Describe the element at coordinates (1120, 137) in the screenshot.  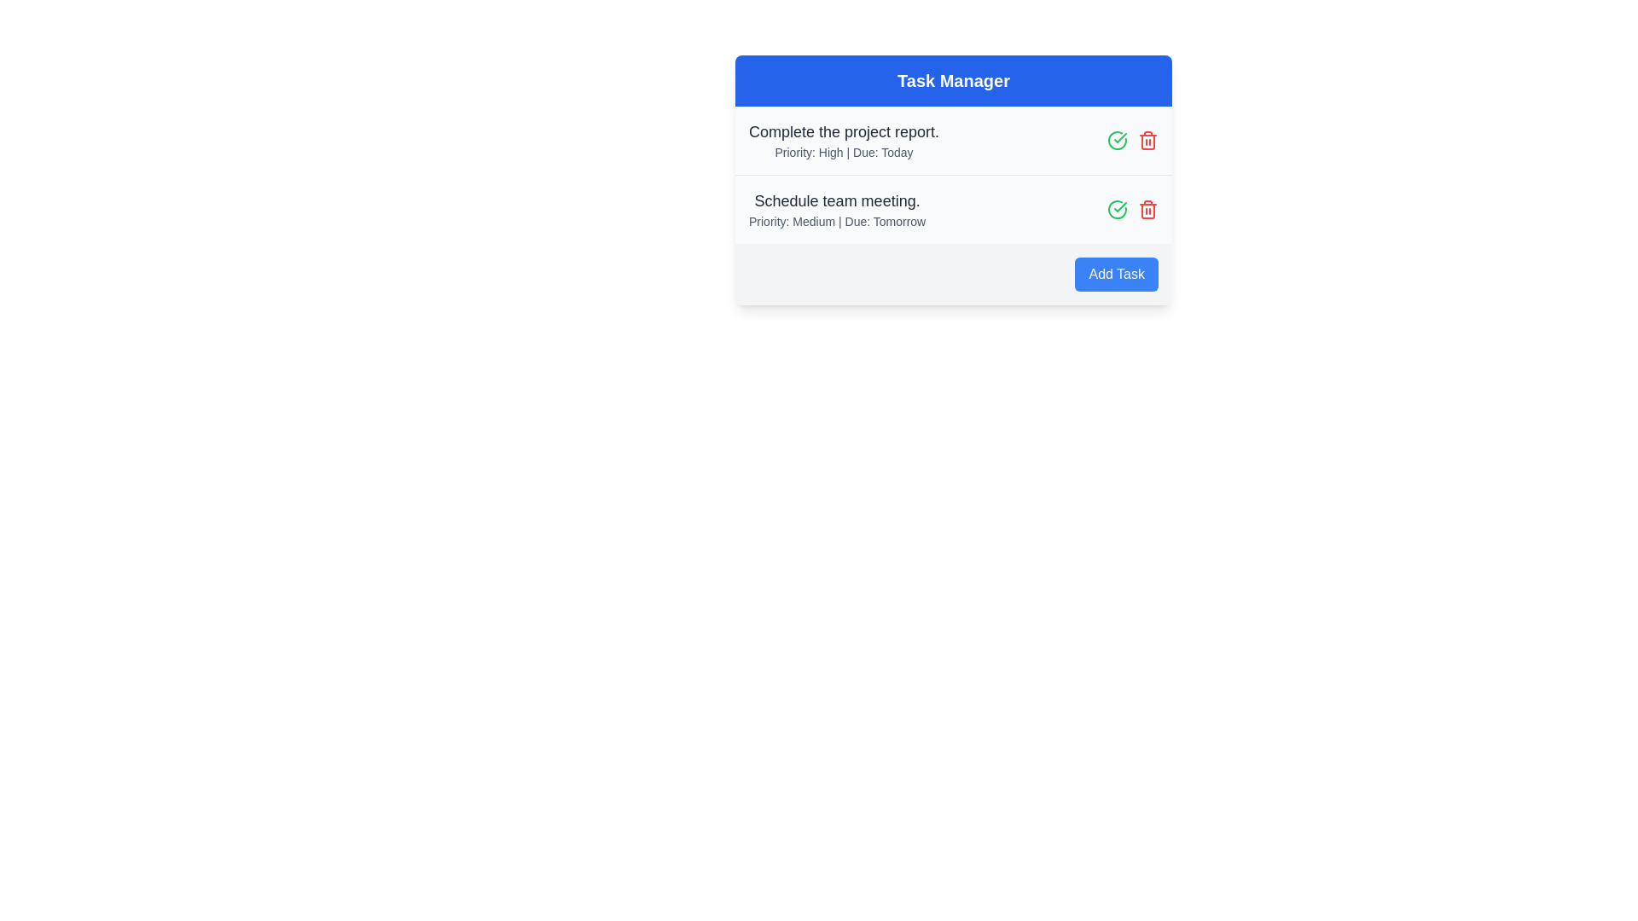
I see `the center of the check mark icon, which is the second icon` at that location.